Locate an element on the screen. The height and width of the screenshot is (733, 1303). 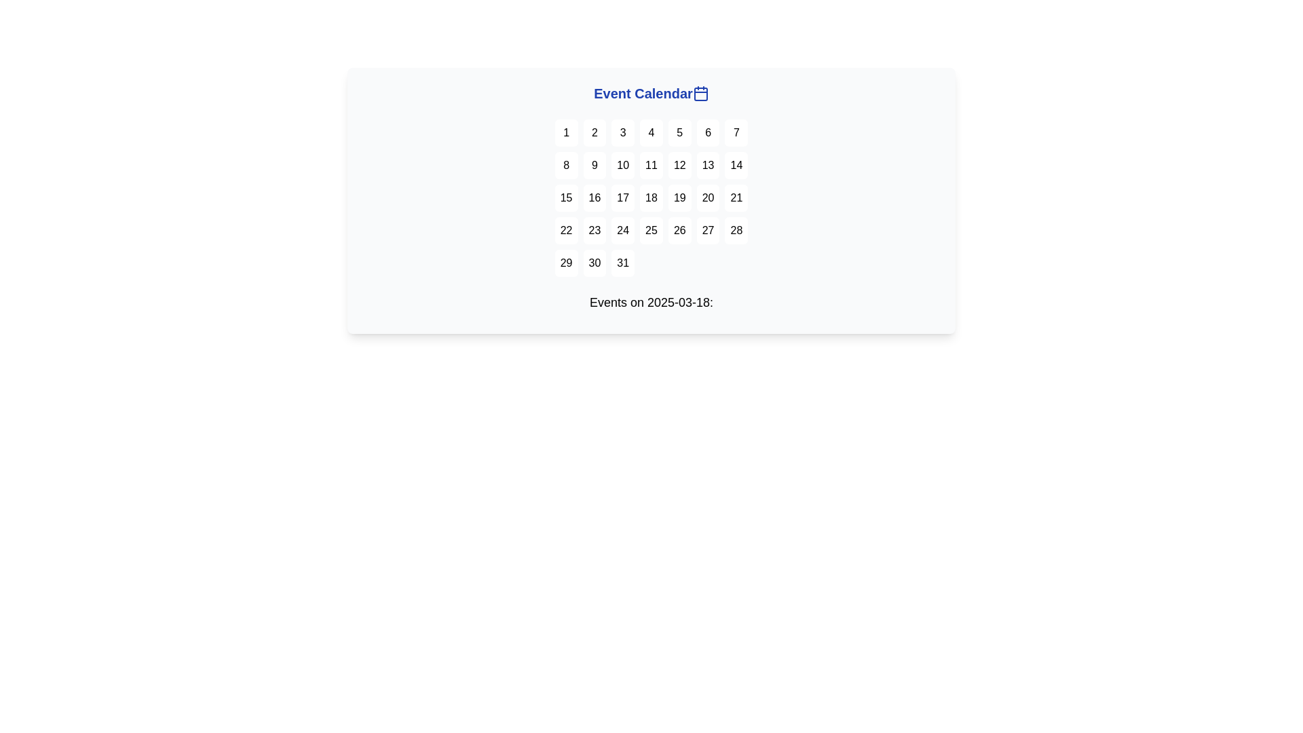
the selectable date button in the calendar interface is located at coordinates (594, 263).